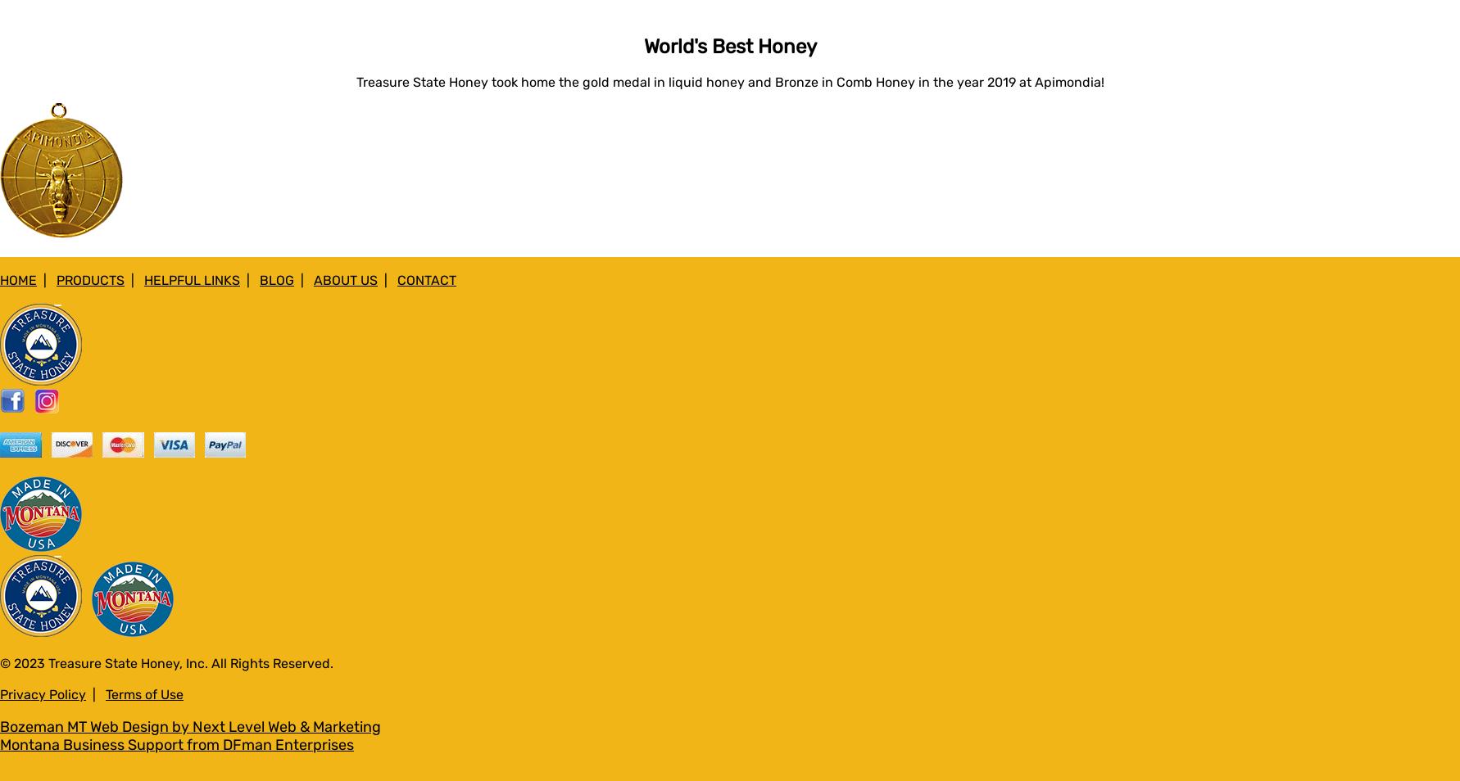  What do you see at coordinates (18, 279) in the screenshot?
I see `'HOME'` at bounding box center [18, 279].